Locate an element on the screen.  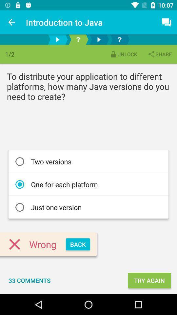
item to the left of the introduction to java is located at coordinates (12, 22).